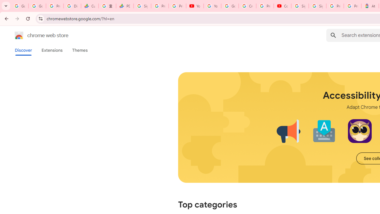  Describe the element at coordinates (177, 6) in the screenshot. I see `'Privacy Checkup'` at that location.